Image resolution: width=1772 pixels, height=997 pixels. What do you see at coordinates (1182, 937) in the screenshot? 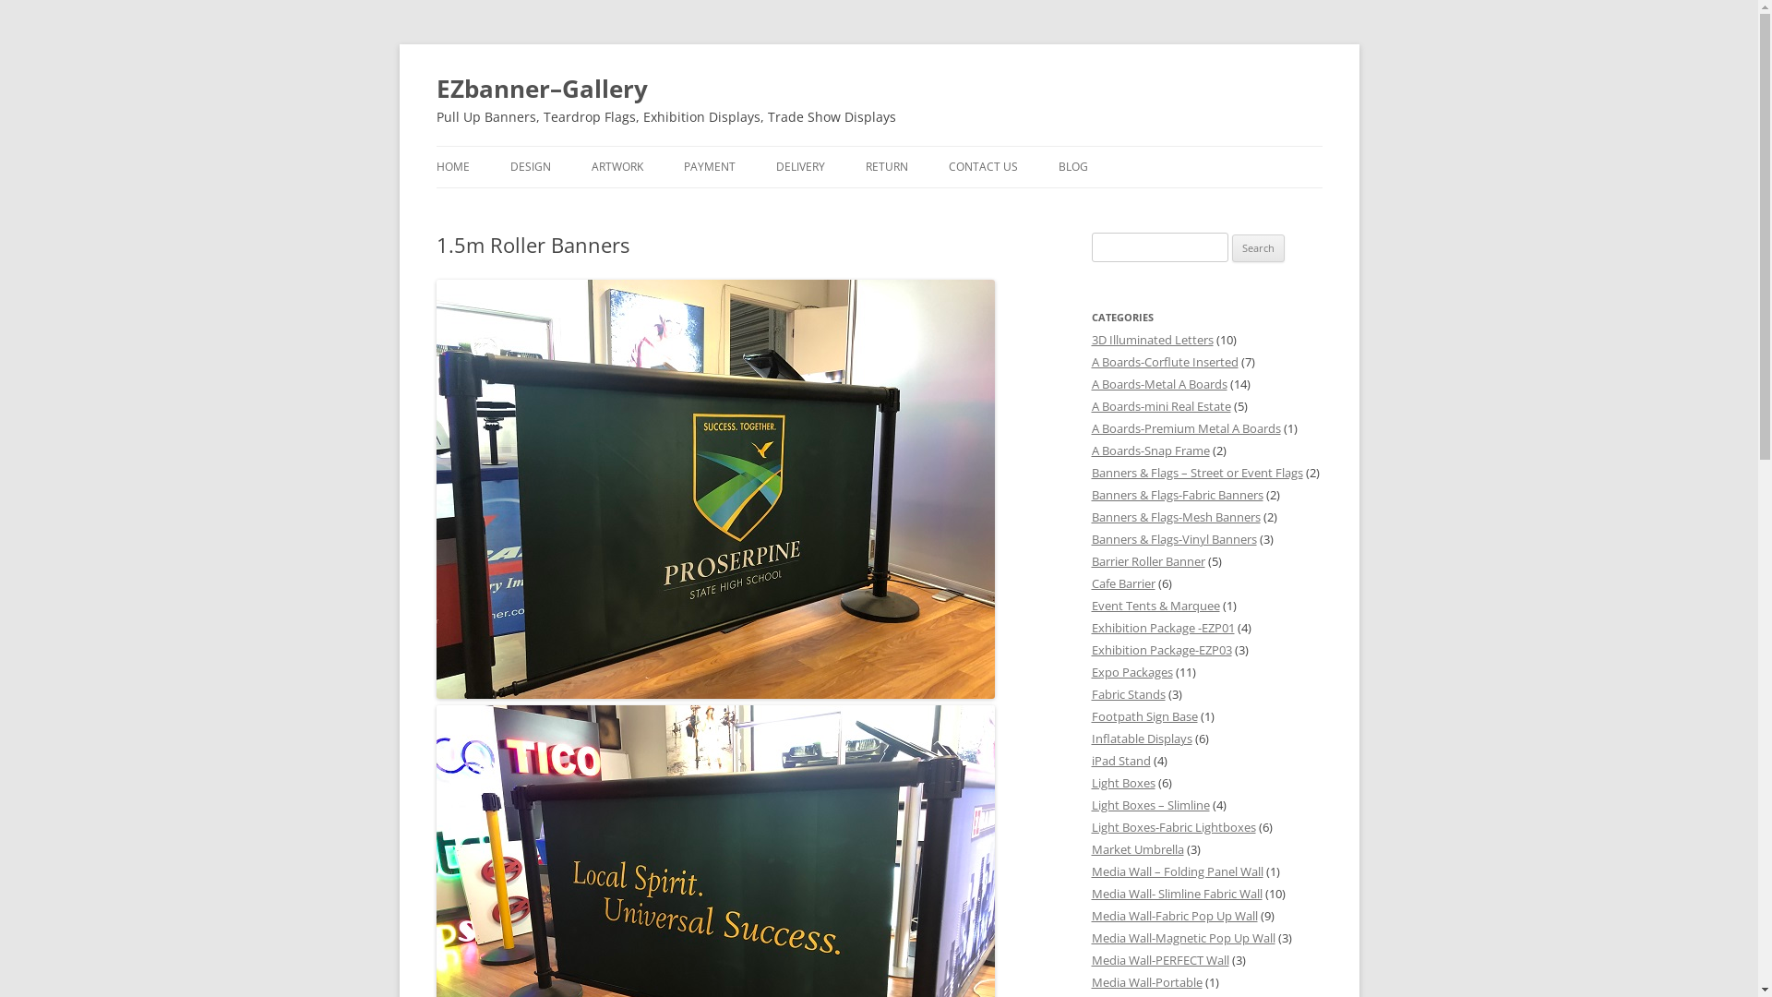
I see `'Media Wall-Magnetic Pop Up Wall'` at bounding box center [1182, 937].